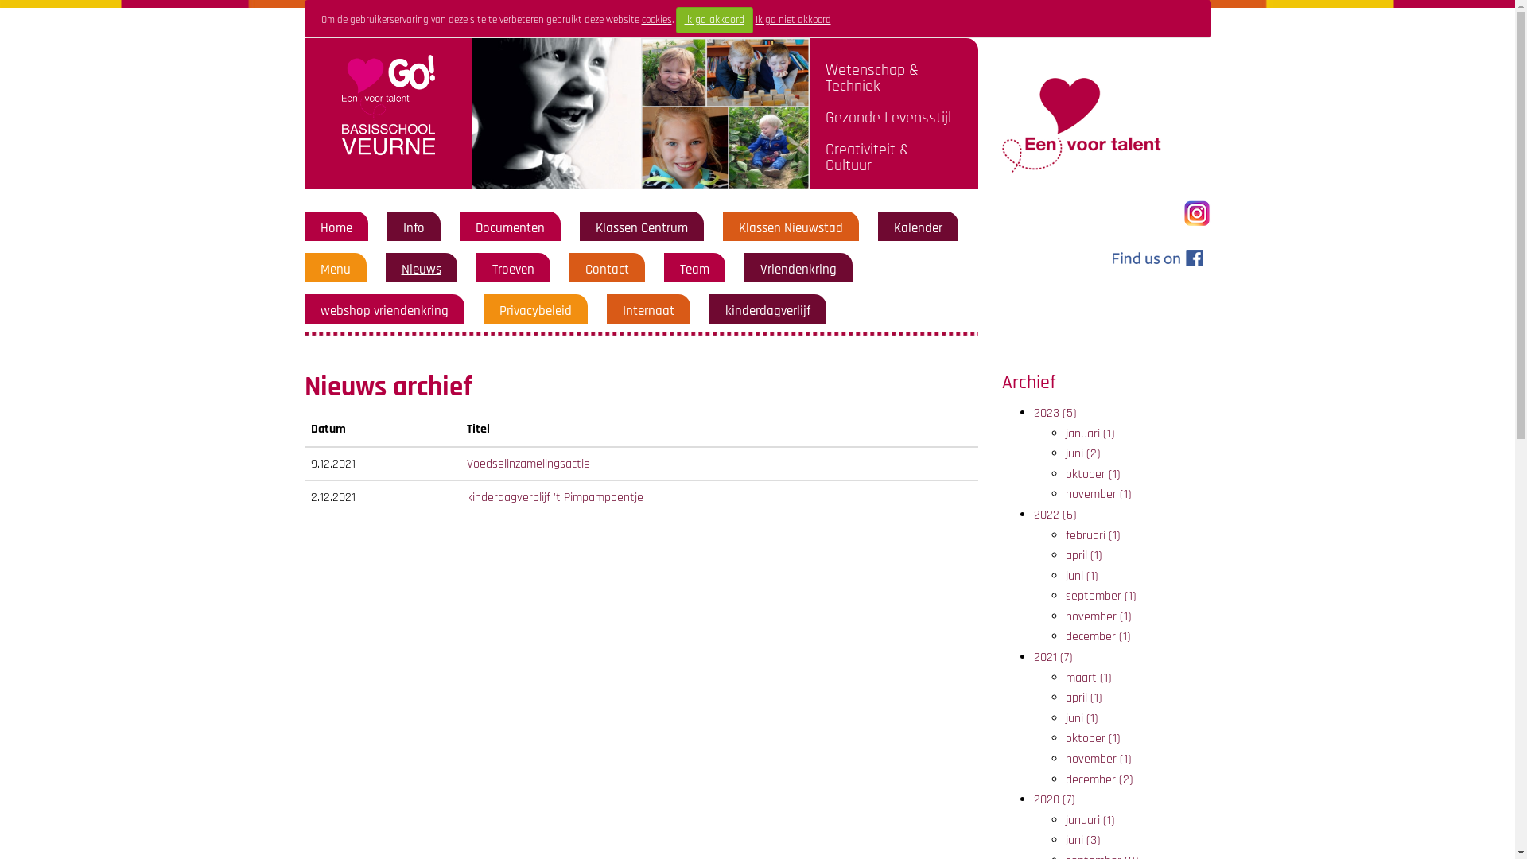 The height and width of the screenshot is (859, 1527). Describe the element at coordinates (1082, 453) in the screenshot. I see `'juni (2)'` at that location.